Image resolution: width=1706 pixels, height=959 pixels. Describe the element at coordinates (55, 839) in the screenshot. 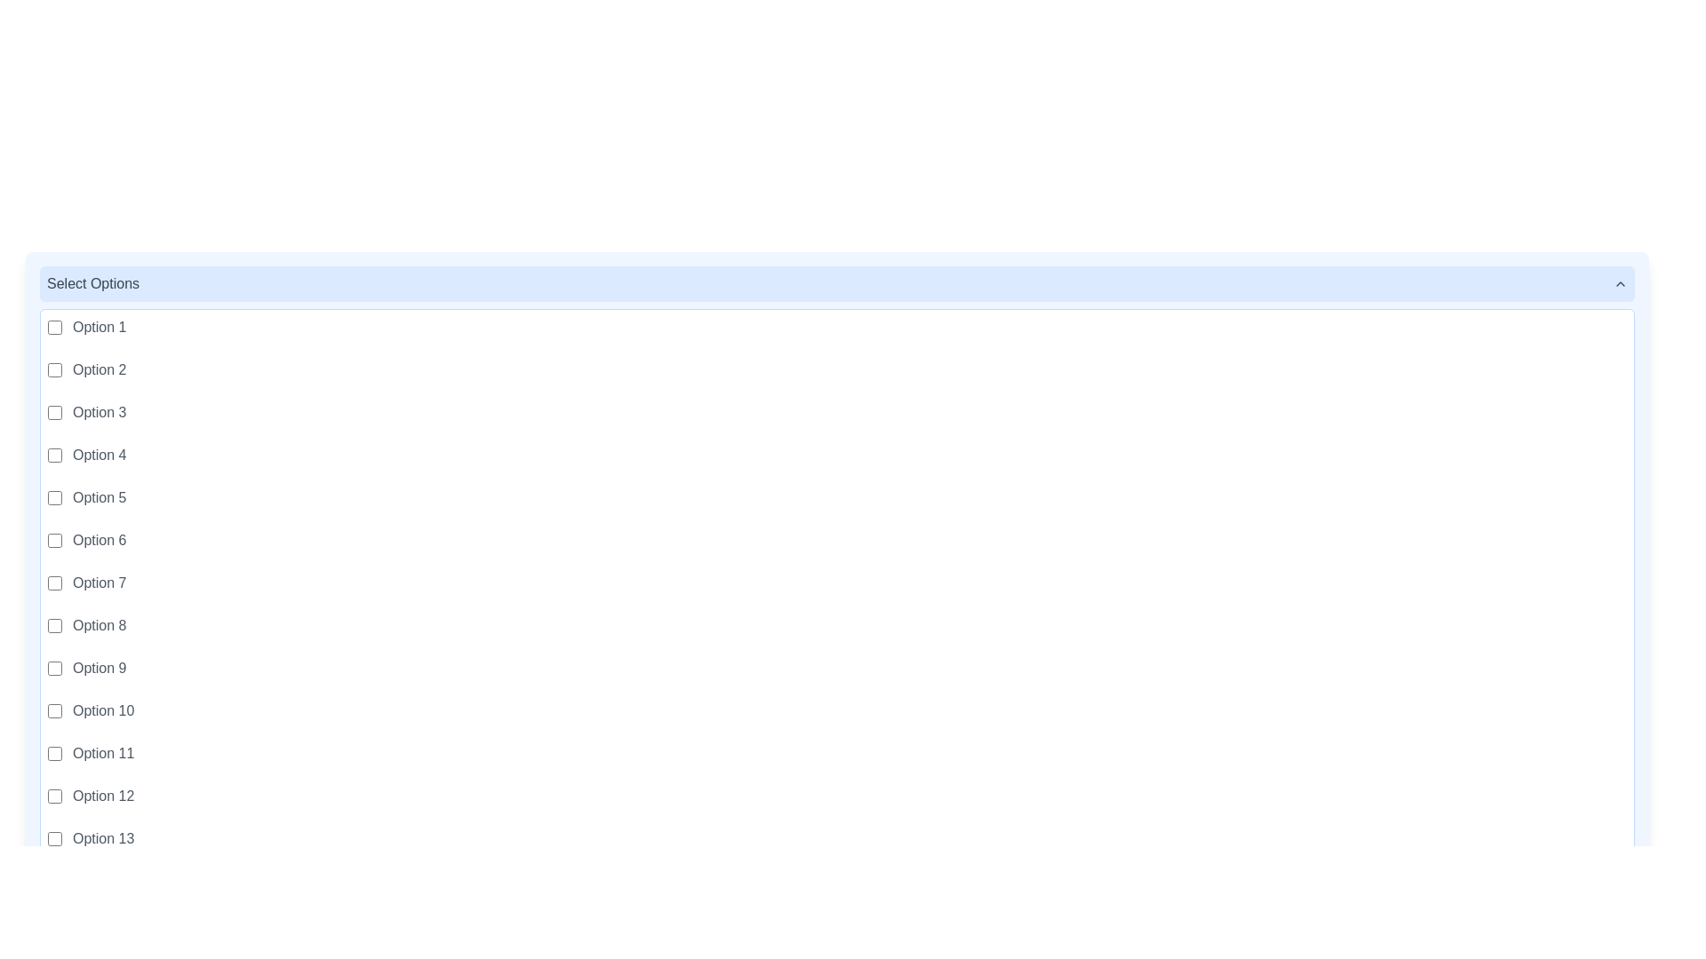

I see `the checkbox for 'Option 13'` at that location.